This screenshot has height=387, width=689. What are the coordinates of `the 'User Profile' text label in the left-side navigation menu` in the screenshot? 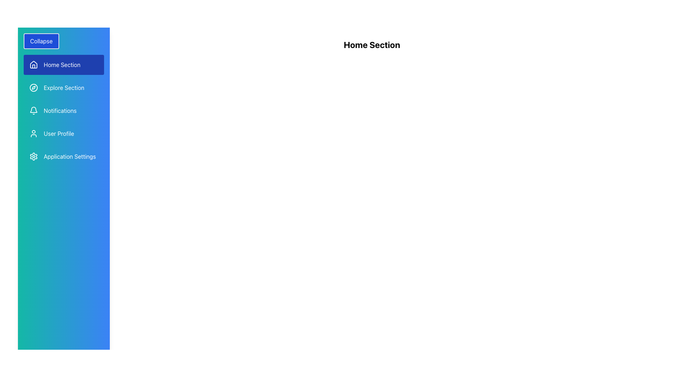 It's located at (59, 134).